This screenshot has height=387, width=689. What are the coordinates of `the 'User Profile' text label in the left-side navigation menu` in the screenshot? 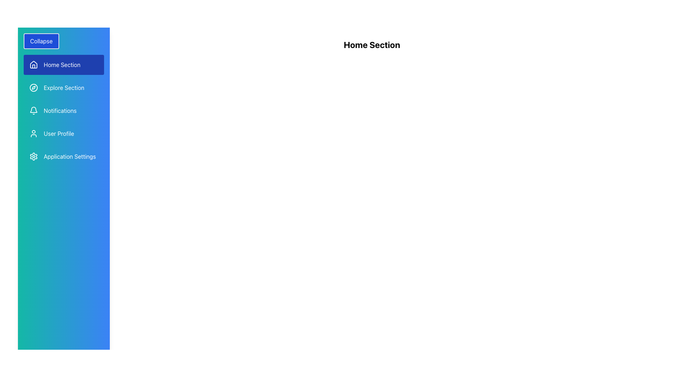 It's located at (59, 134).